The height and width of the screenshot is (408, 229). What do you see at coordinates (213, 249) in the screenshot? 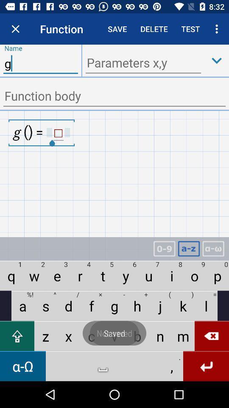
I see `the last text from right corner which is above the button p` at bounding box center [213, 249].